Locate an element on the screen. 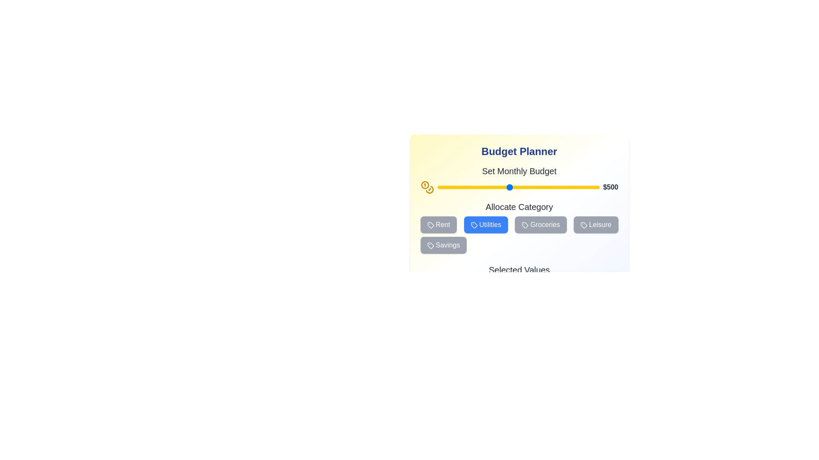 The image size is (819, 460). the 'Leisure' button located in the 'Allocate Category' section, which is the fourth button from the left is located at coordinates (595, 224).